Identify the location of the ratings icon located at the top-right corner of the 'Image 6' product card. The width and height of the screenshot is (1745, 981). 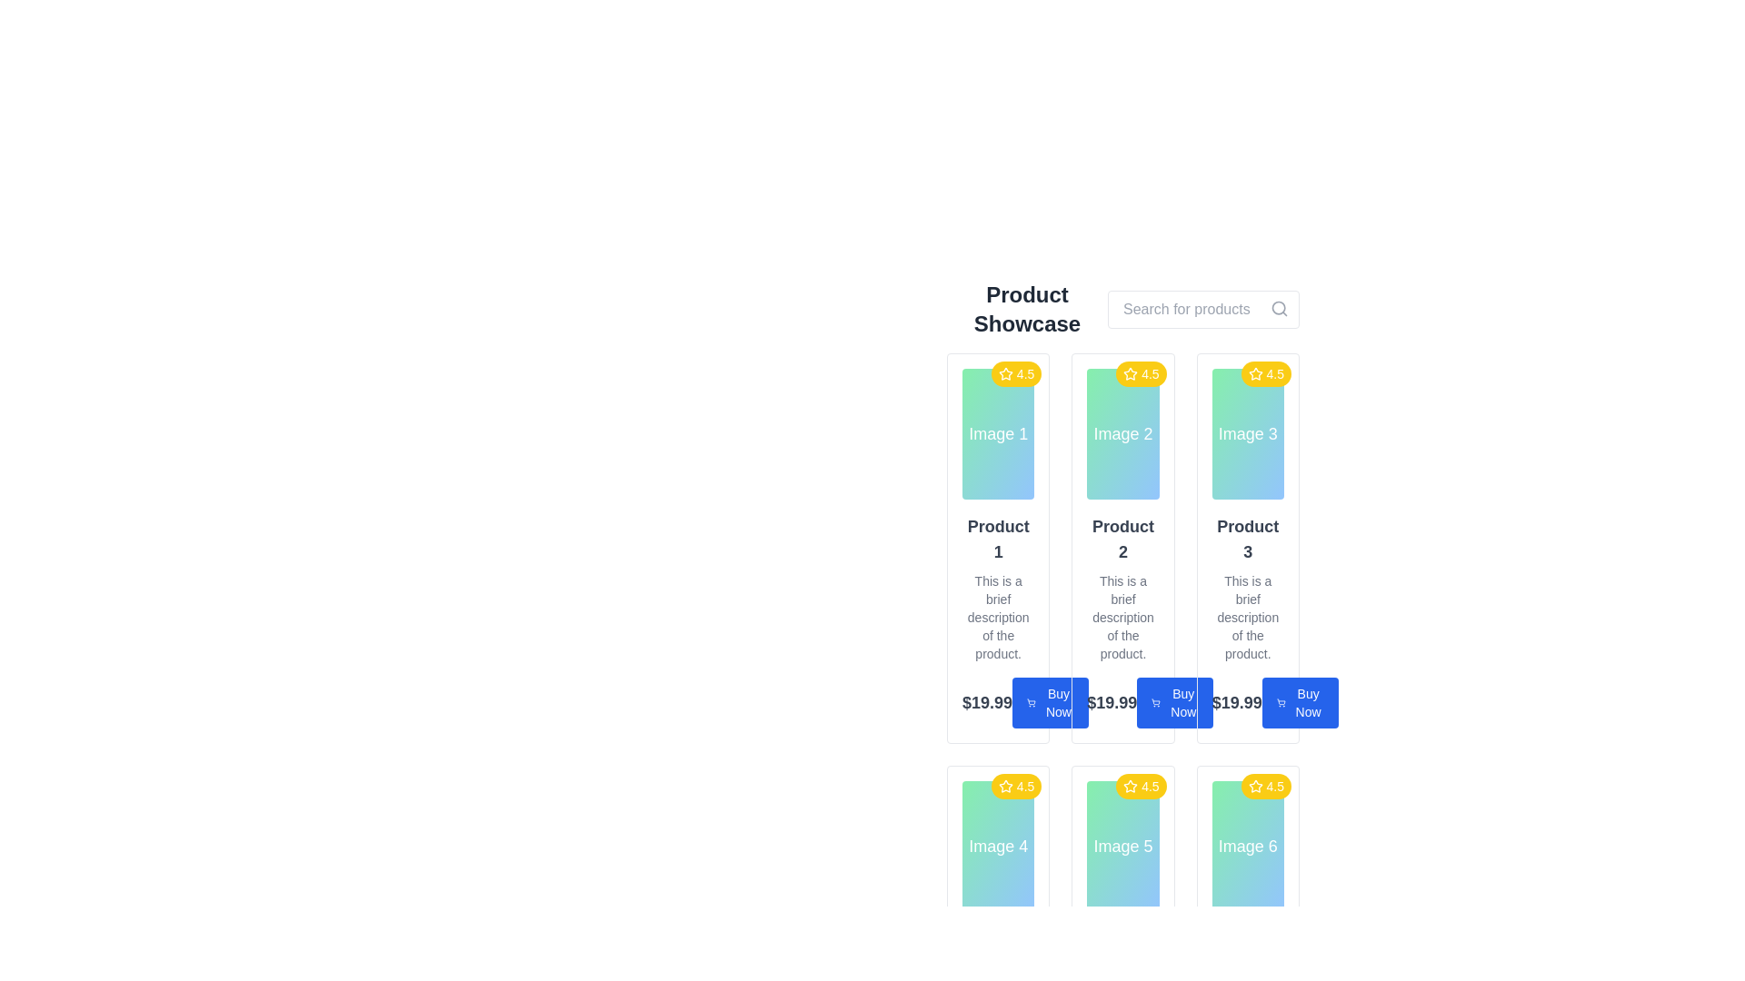
(1254, 785).